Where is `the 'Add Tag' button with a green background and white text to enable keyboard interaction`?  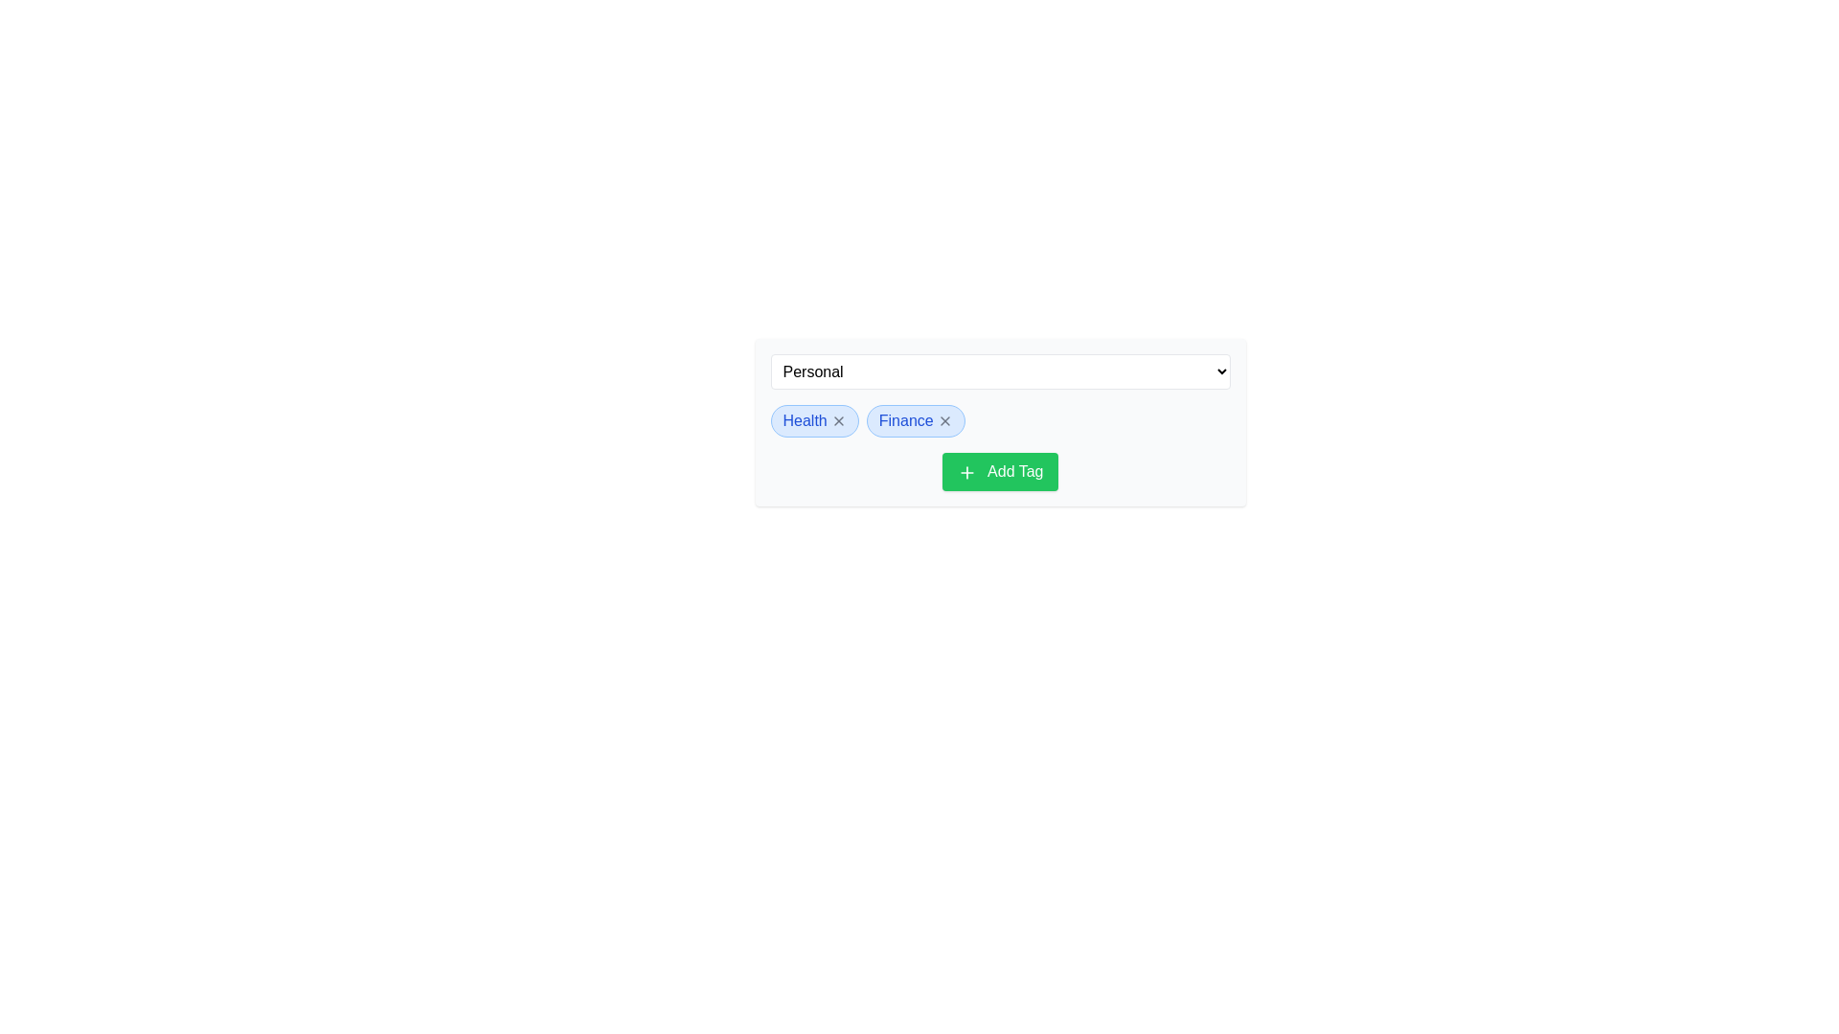 the 'Add Tag' button with a green background and white text to enable keyboard interaction is located at coordinates (999, 472).